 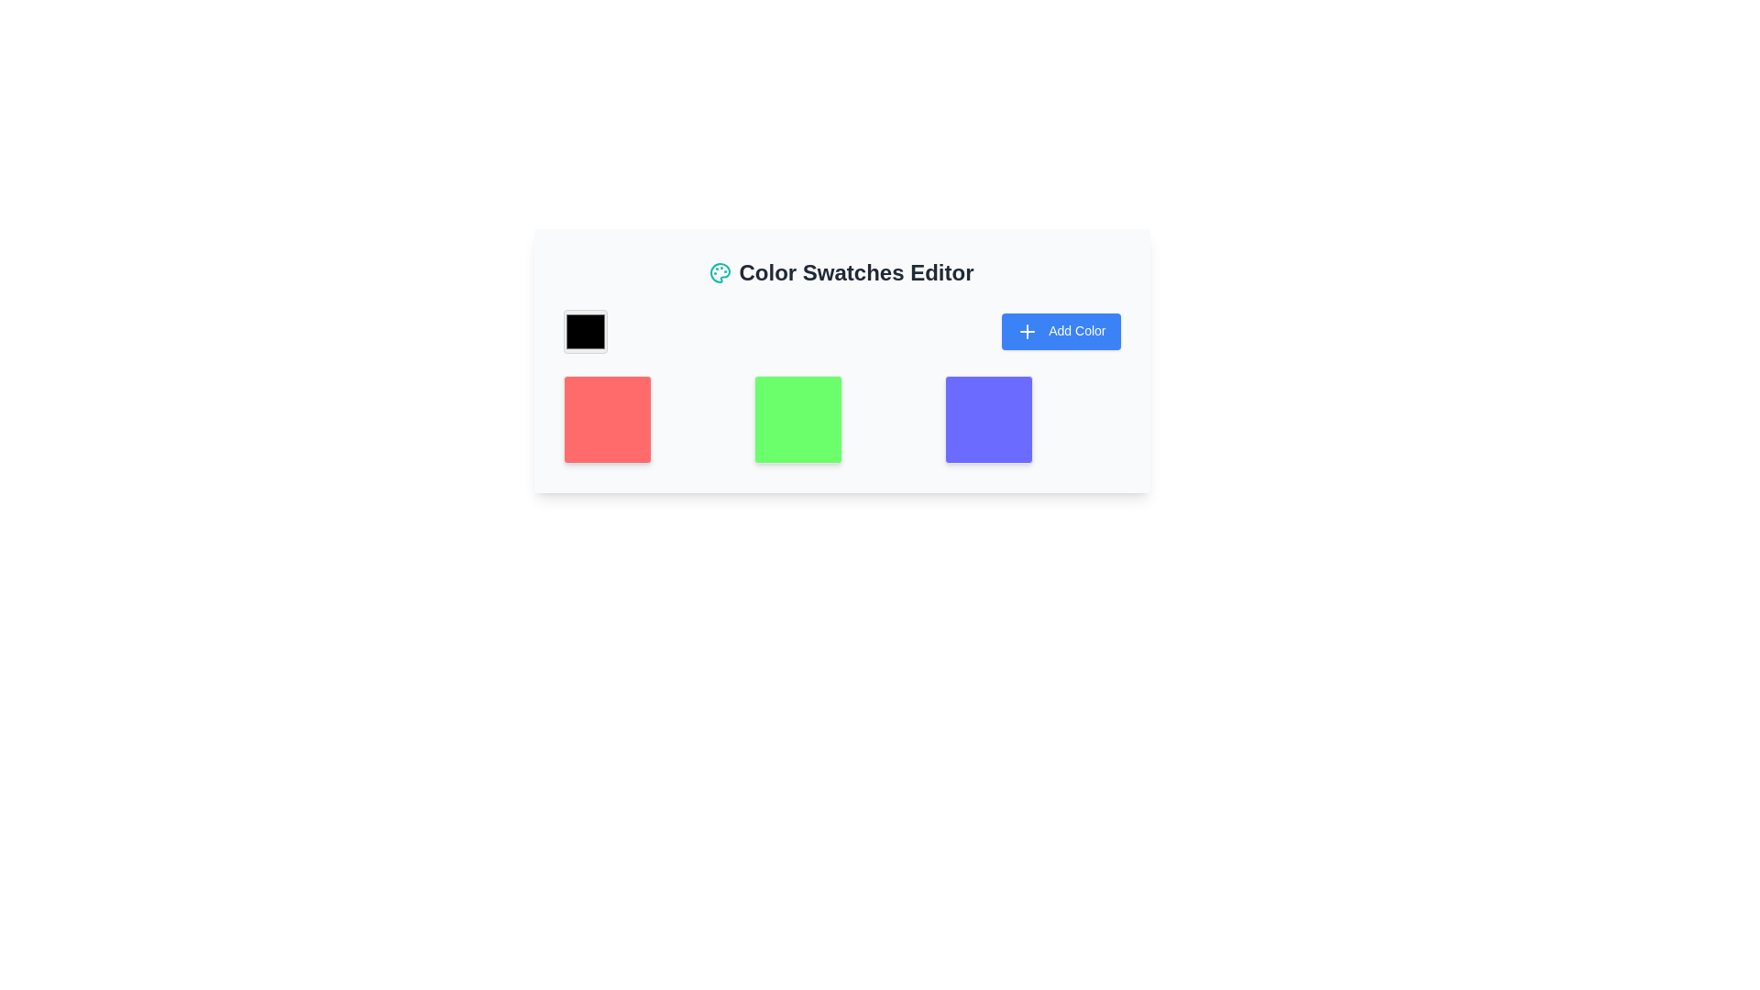 What do you see at coordinates (651, 420) in the screenshot?
I see `the first square color swatch in the horizontal row` at bounding box center [651, 420].